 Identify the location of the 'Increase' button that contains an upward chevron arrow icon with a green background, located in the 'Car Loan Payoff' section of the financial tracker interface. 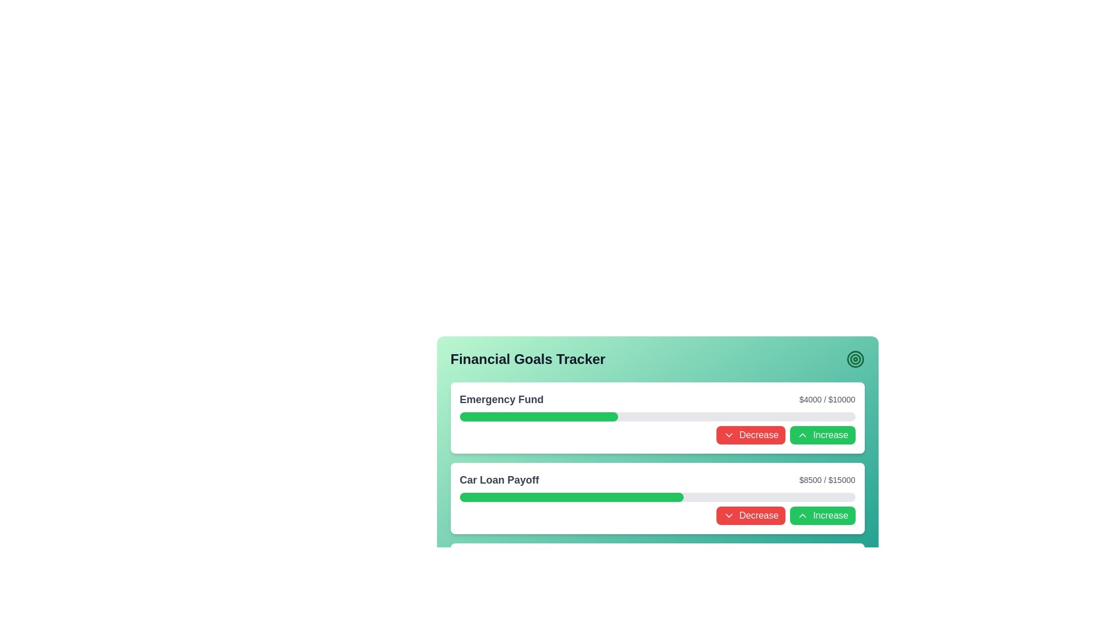
(802, 515).